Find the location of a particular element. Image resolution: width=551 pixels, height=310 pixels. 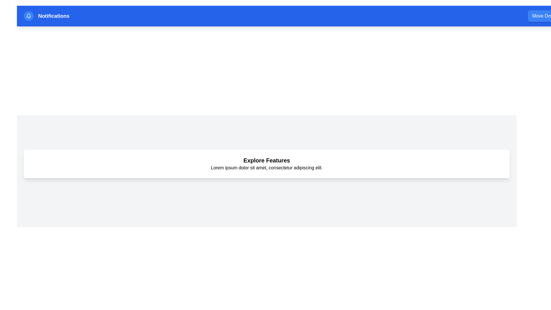

text label that contains 'Lorem ipsum dolor sit amet, consectetur adipiscing elit.' located below the 'Explore Features' text is located at coordinates (266, 168).